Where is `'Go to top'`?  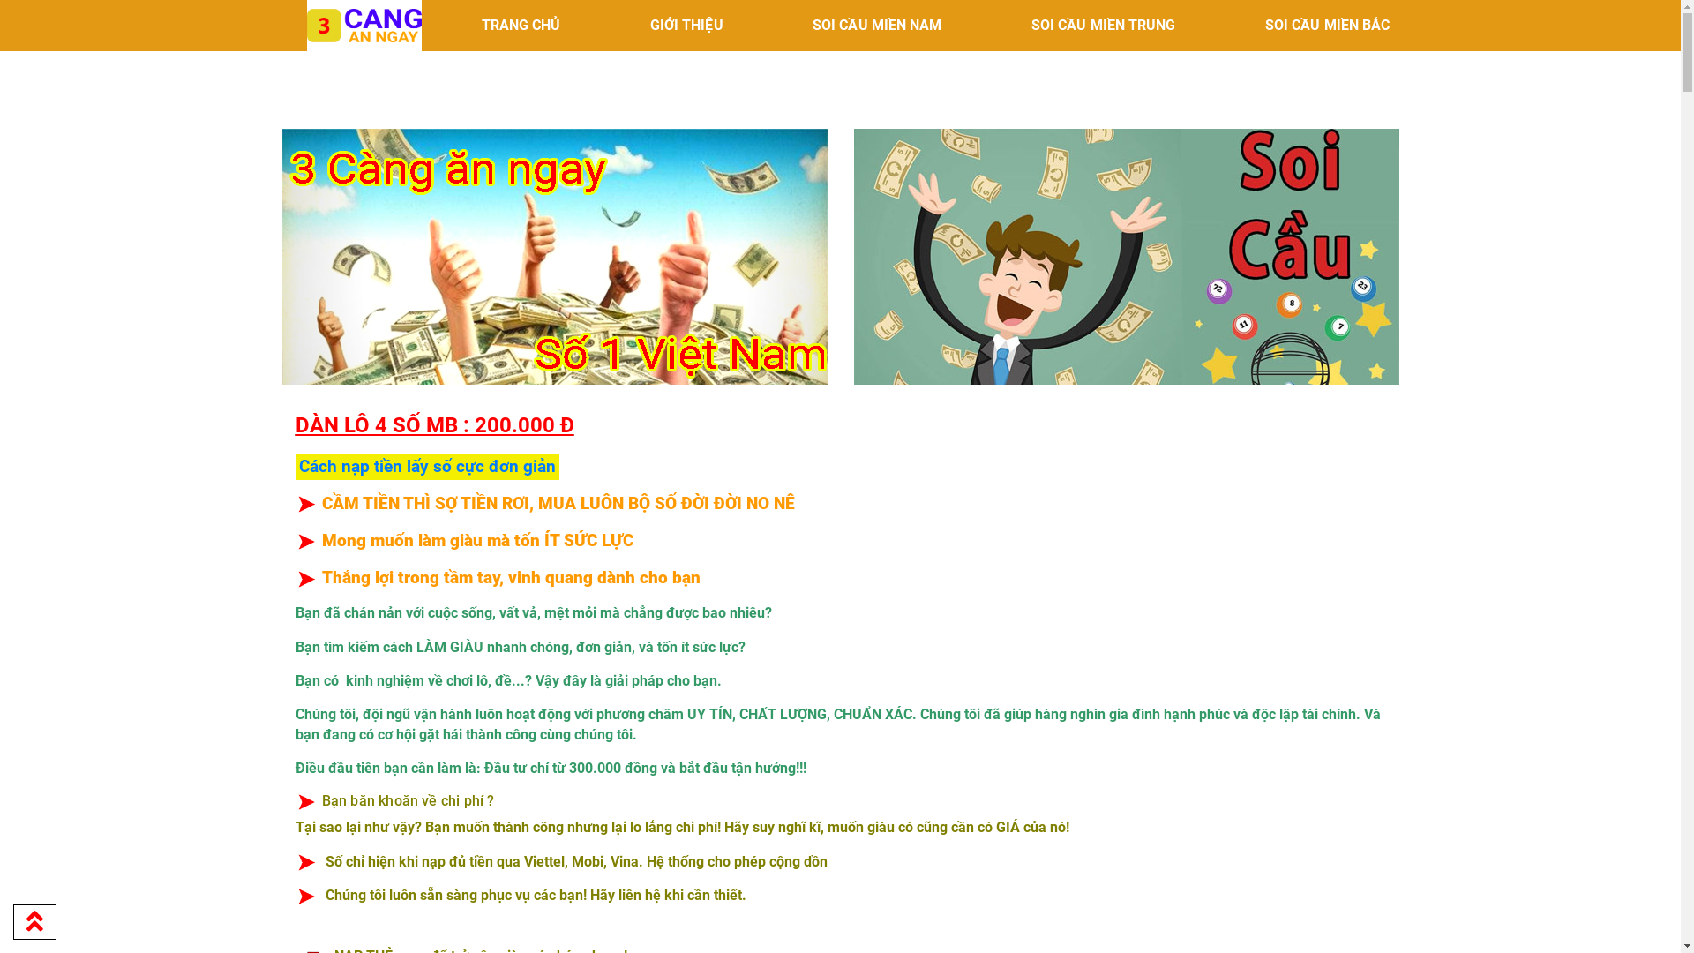
'Go to top' is located at coordinates (34, 921).